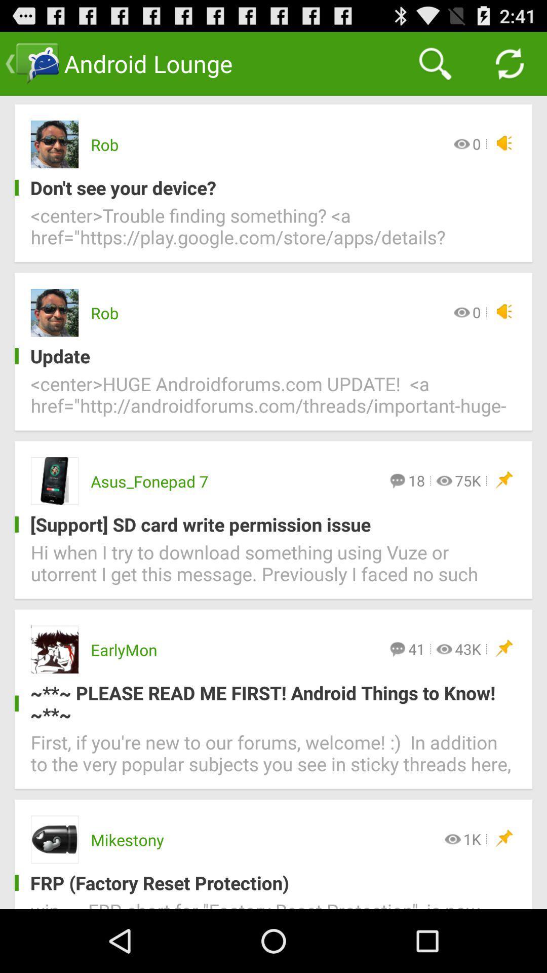  What do you see at coordinates (468, 480) in the screenshot?
I see `icon above support sd card` at bounding box center [468, 480].